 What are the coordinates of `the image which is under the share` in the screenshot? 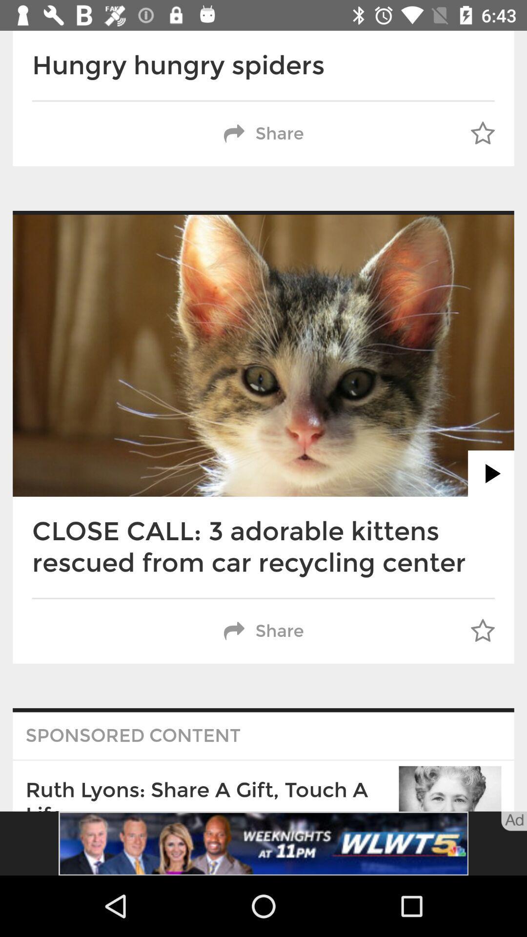 It's located at (263, 355).